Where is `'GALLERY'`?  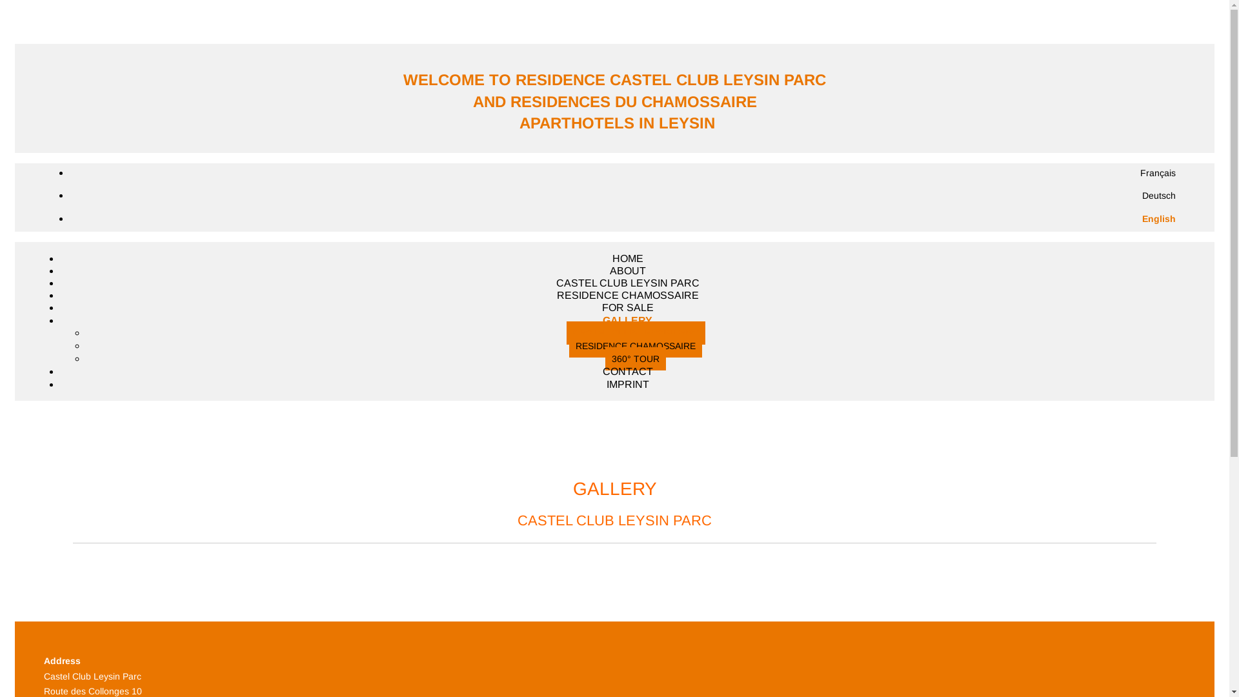
'GALLERY' is located at coordinates (627, 319).